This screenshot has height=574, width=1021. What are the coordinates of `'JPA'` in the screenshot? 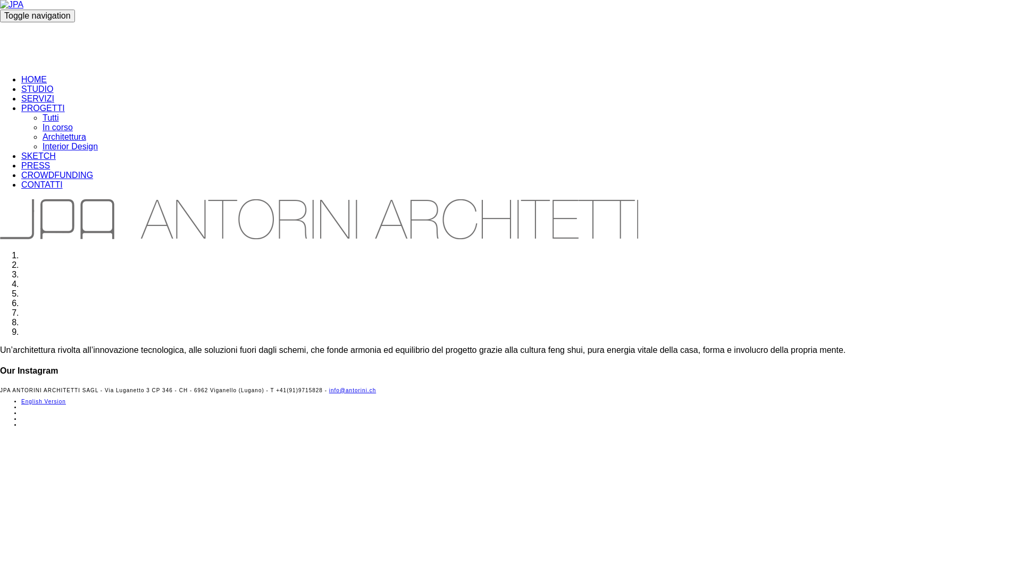 It's located at (319, 218).